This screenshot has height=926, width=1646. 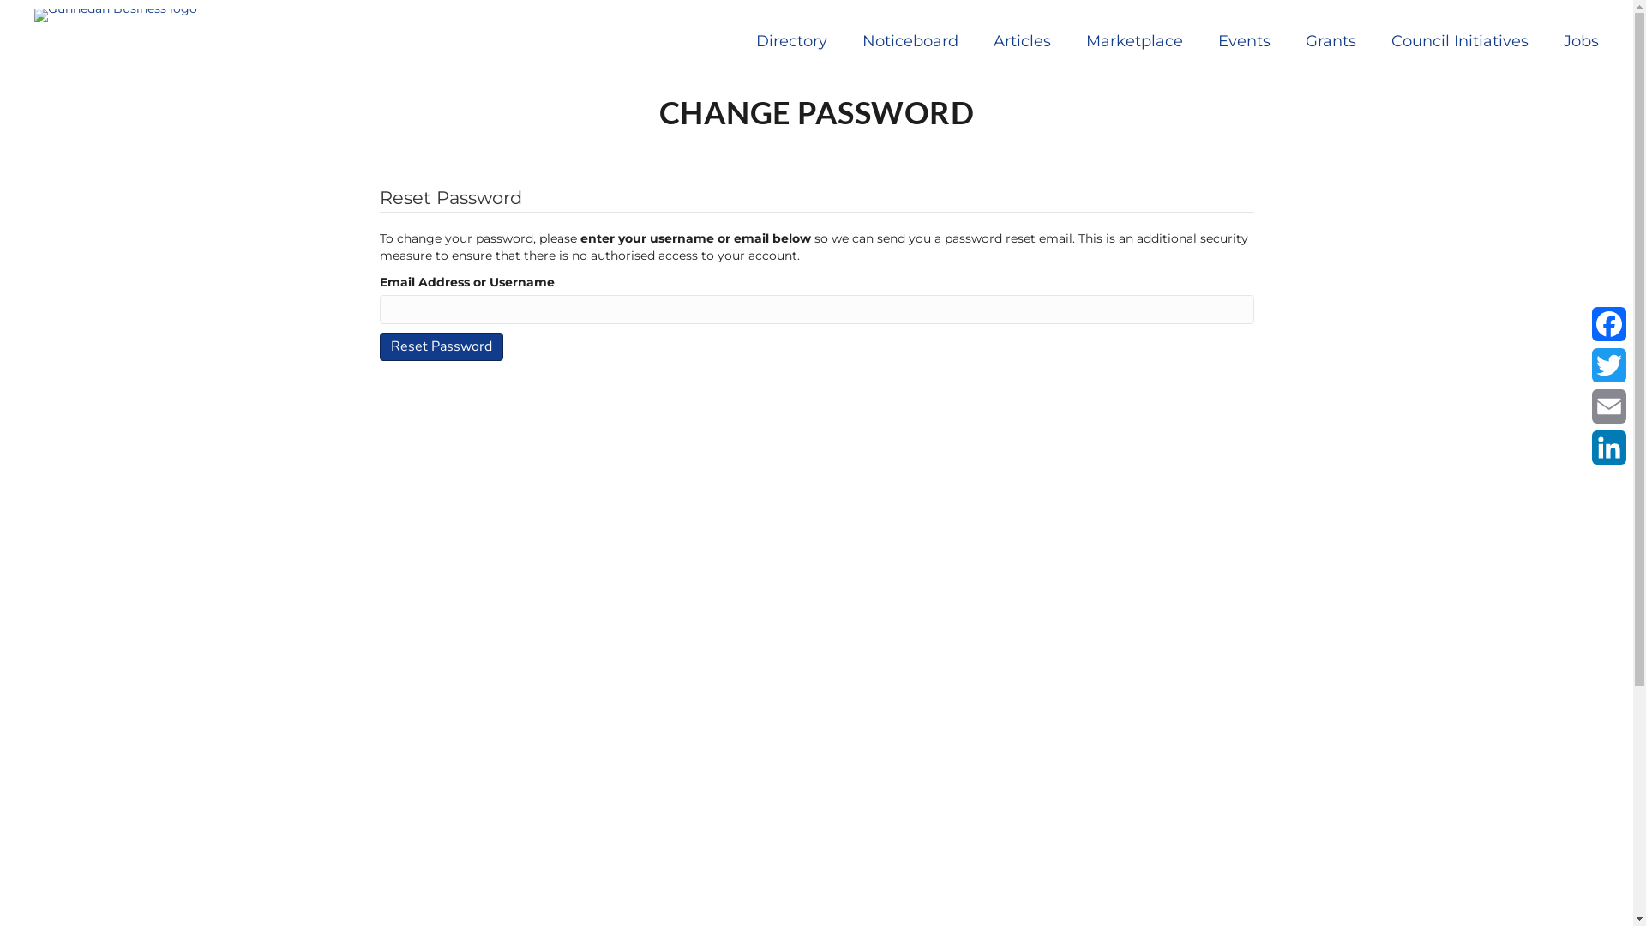 What do you see at coordinates (114, 15) in the screenshot?
I see `'Gunnedah Business'` at bounding box center [114, 15].